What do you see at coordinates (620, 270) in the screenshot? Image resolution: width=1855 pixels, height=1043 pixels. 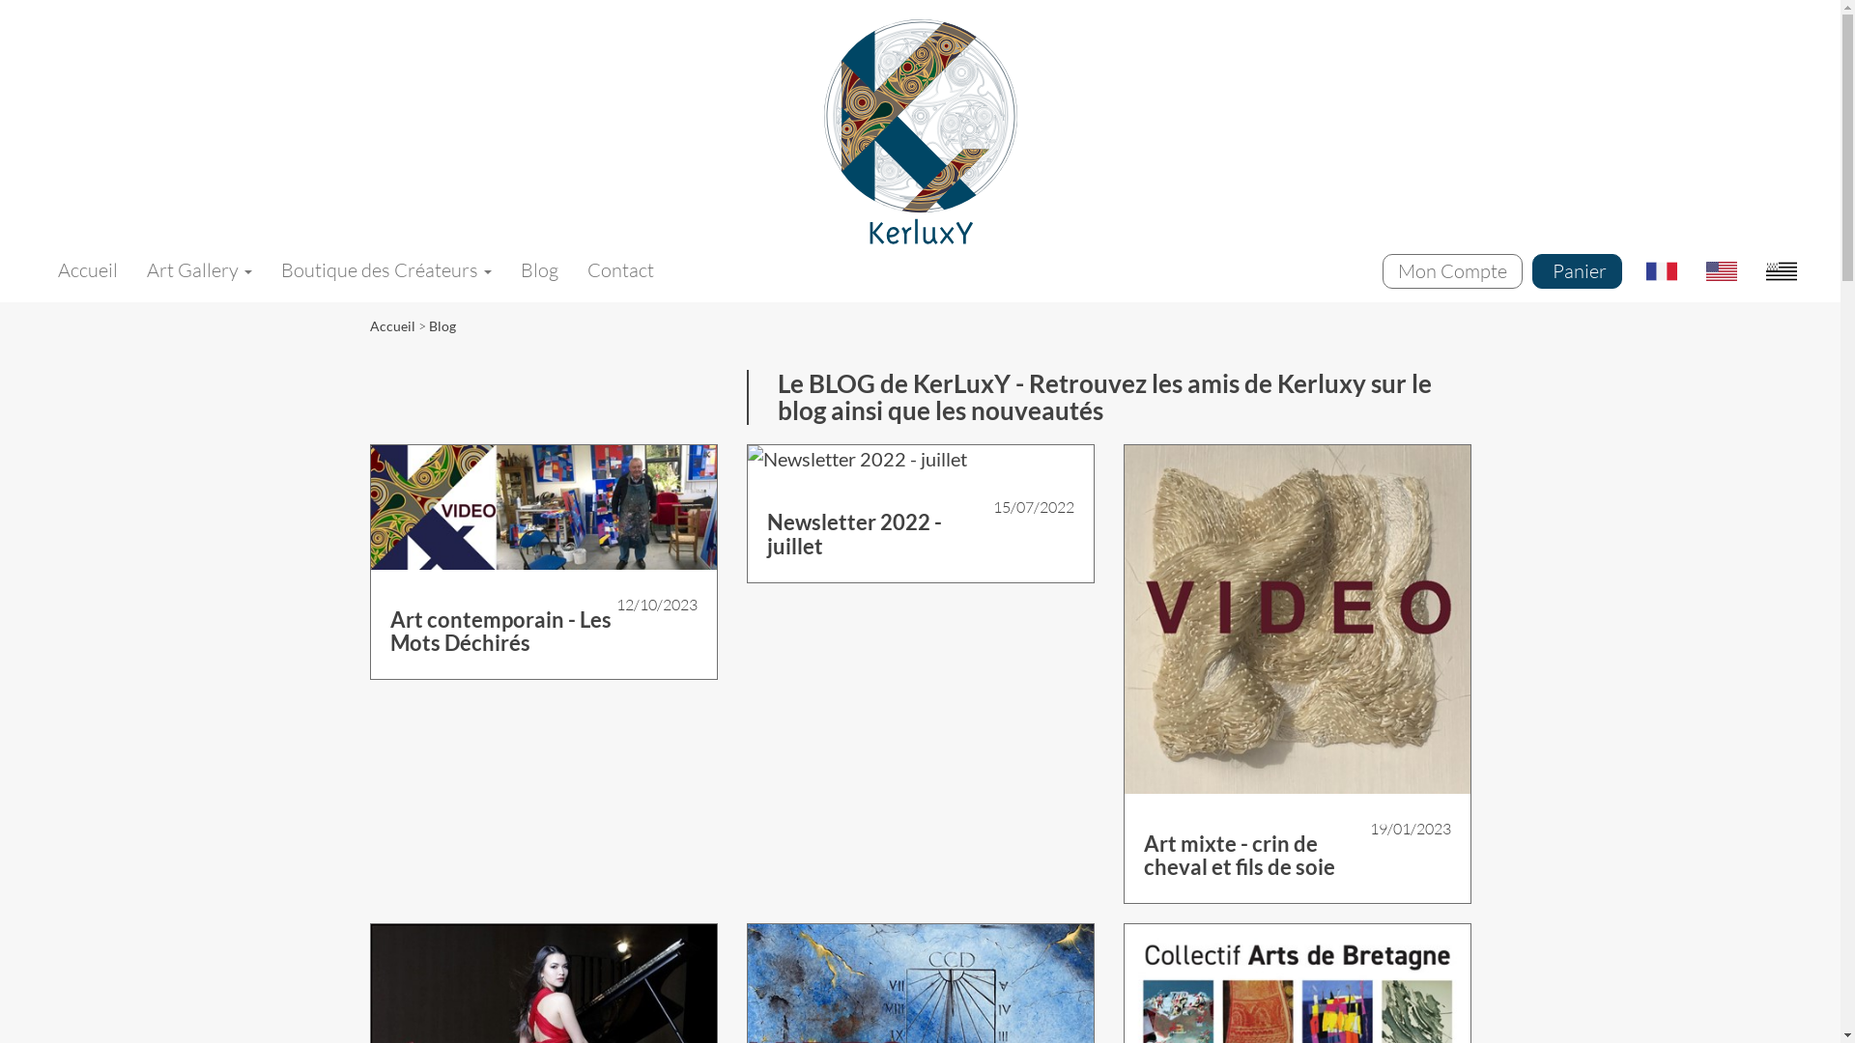 I see `'Contact'` at bounding box center [620, 270].